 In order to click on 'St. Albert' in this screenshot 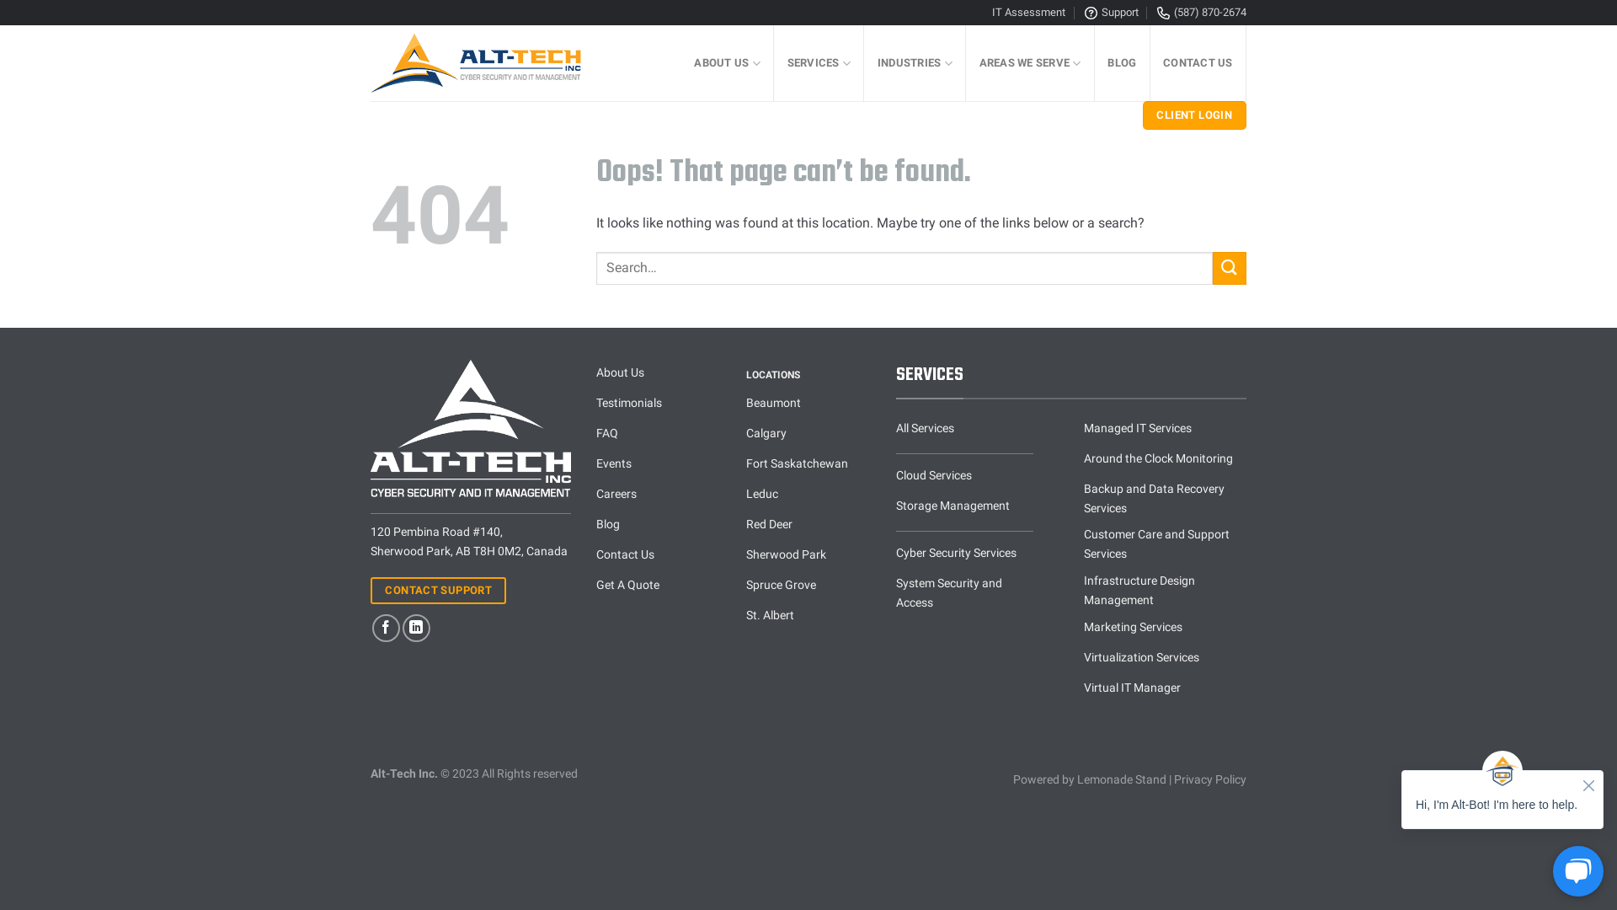, I will do `click(808, 617)`.